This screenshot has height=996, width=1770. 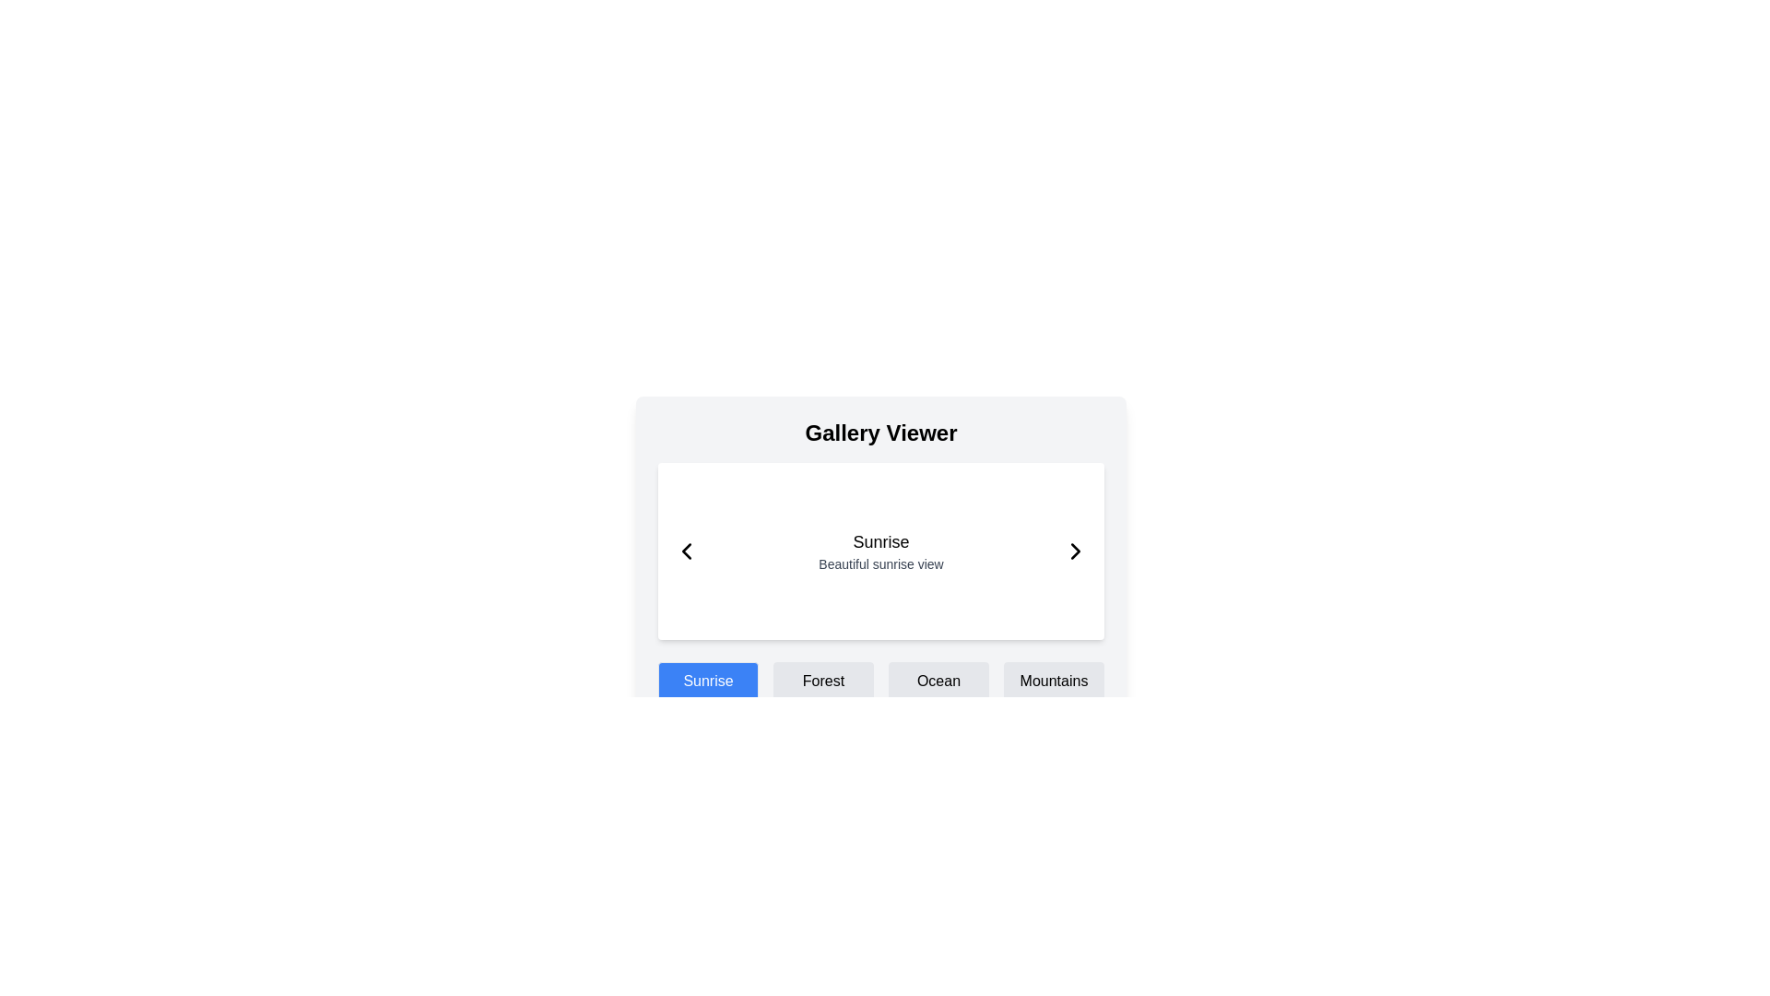 What do you see at coordinates (685, 550) in the screenshot?
I see `the left-pointing chevron arrow icon located within the card labeled 'Sunrise'` at bounding box center [685, 550].